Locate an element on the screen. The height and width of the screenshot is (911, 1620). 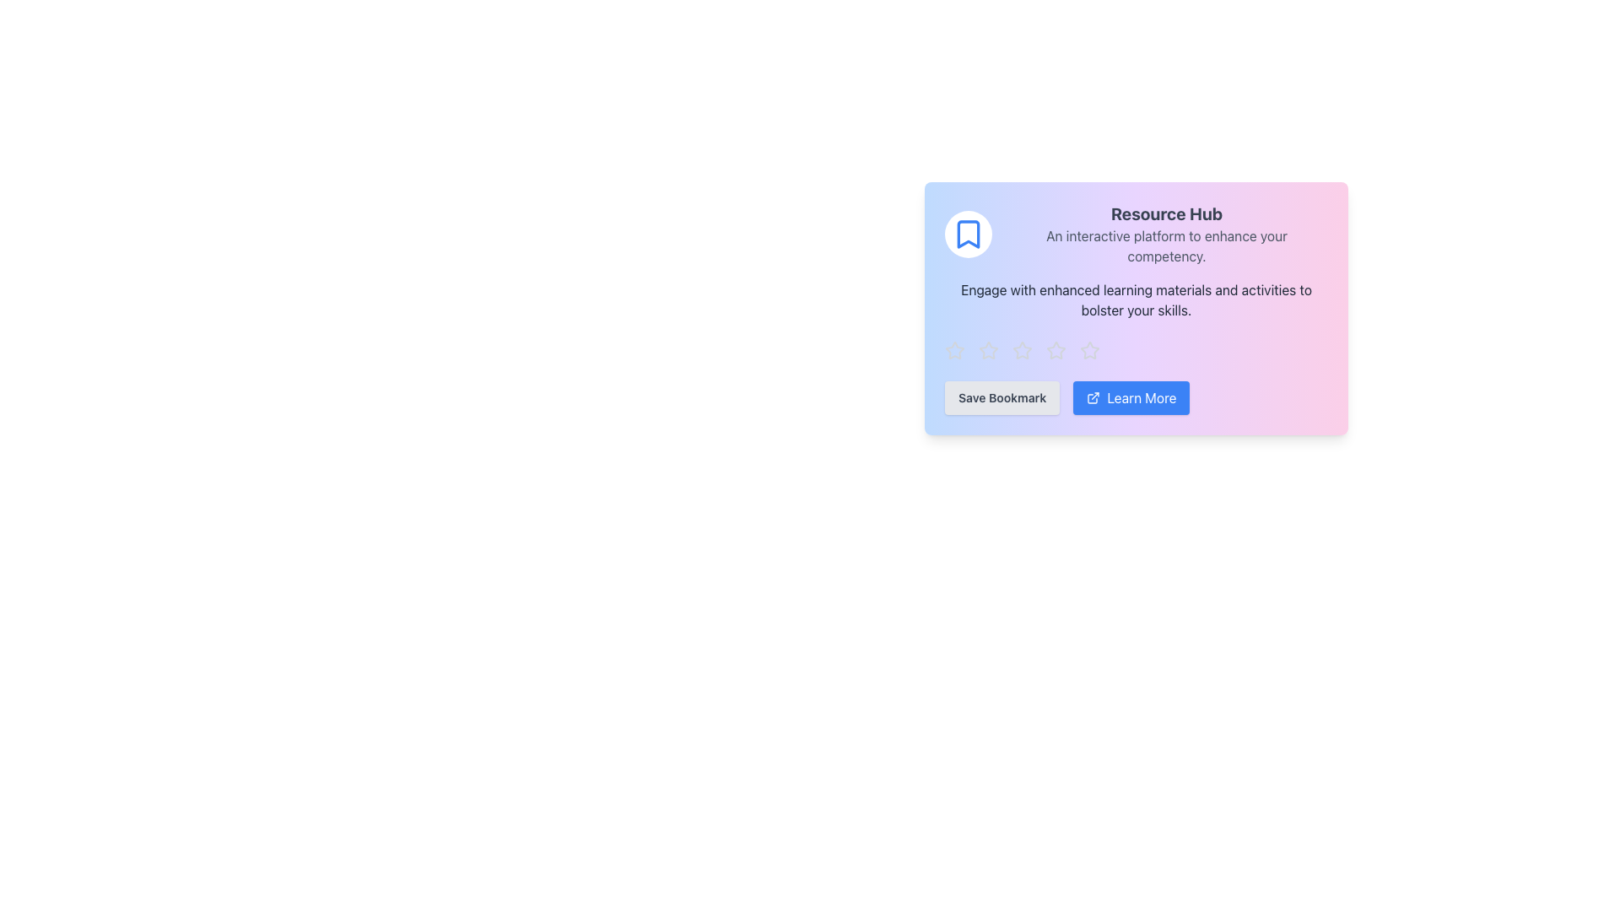
the second star in the rating system is located at coordinates (988, 350).